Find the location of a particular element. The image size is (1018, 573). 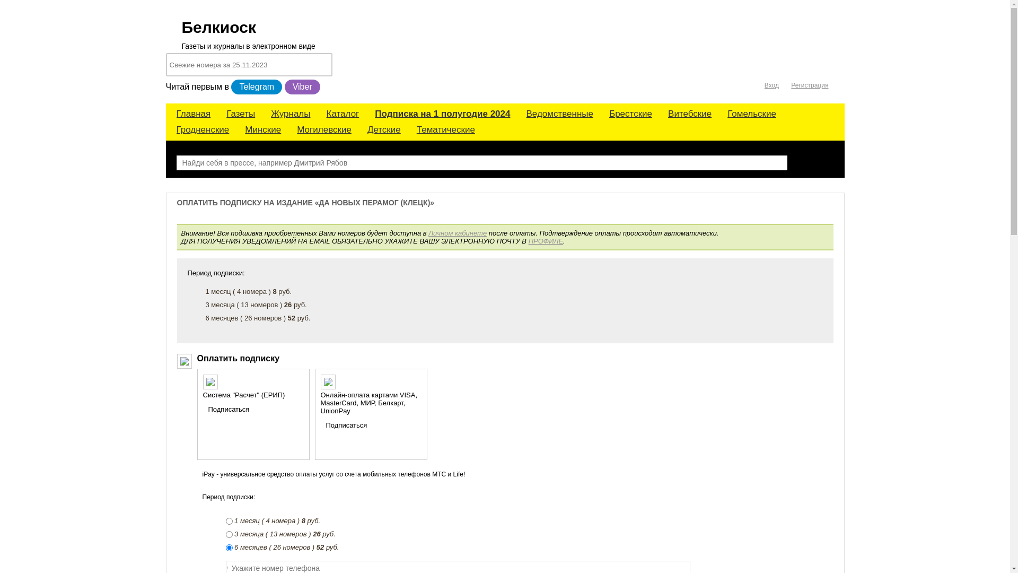

'Viber' is located at coordinates (302, 86).